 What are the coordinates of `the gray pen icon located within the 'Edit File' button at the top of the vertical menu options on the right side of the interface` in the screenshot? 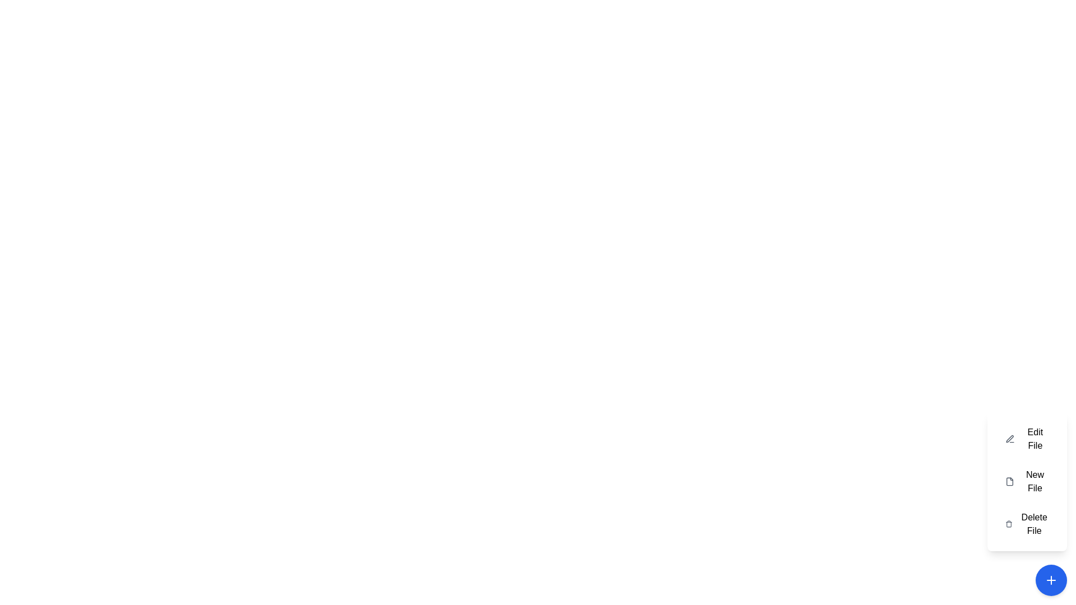 It's located at (1010, 438).